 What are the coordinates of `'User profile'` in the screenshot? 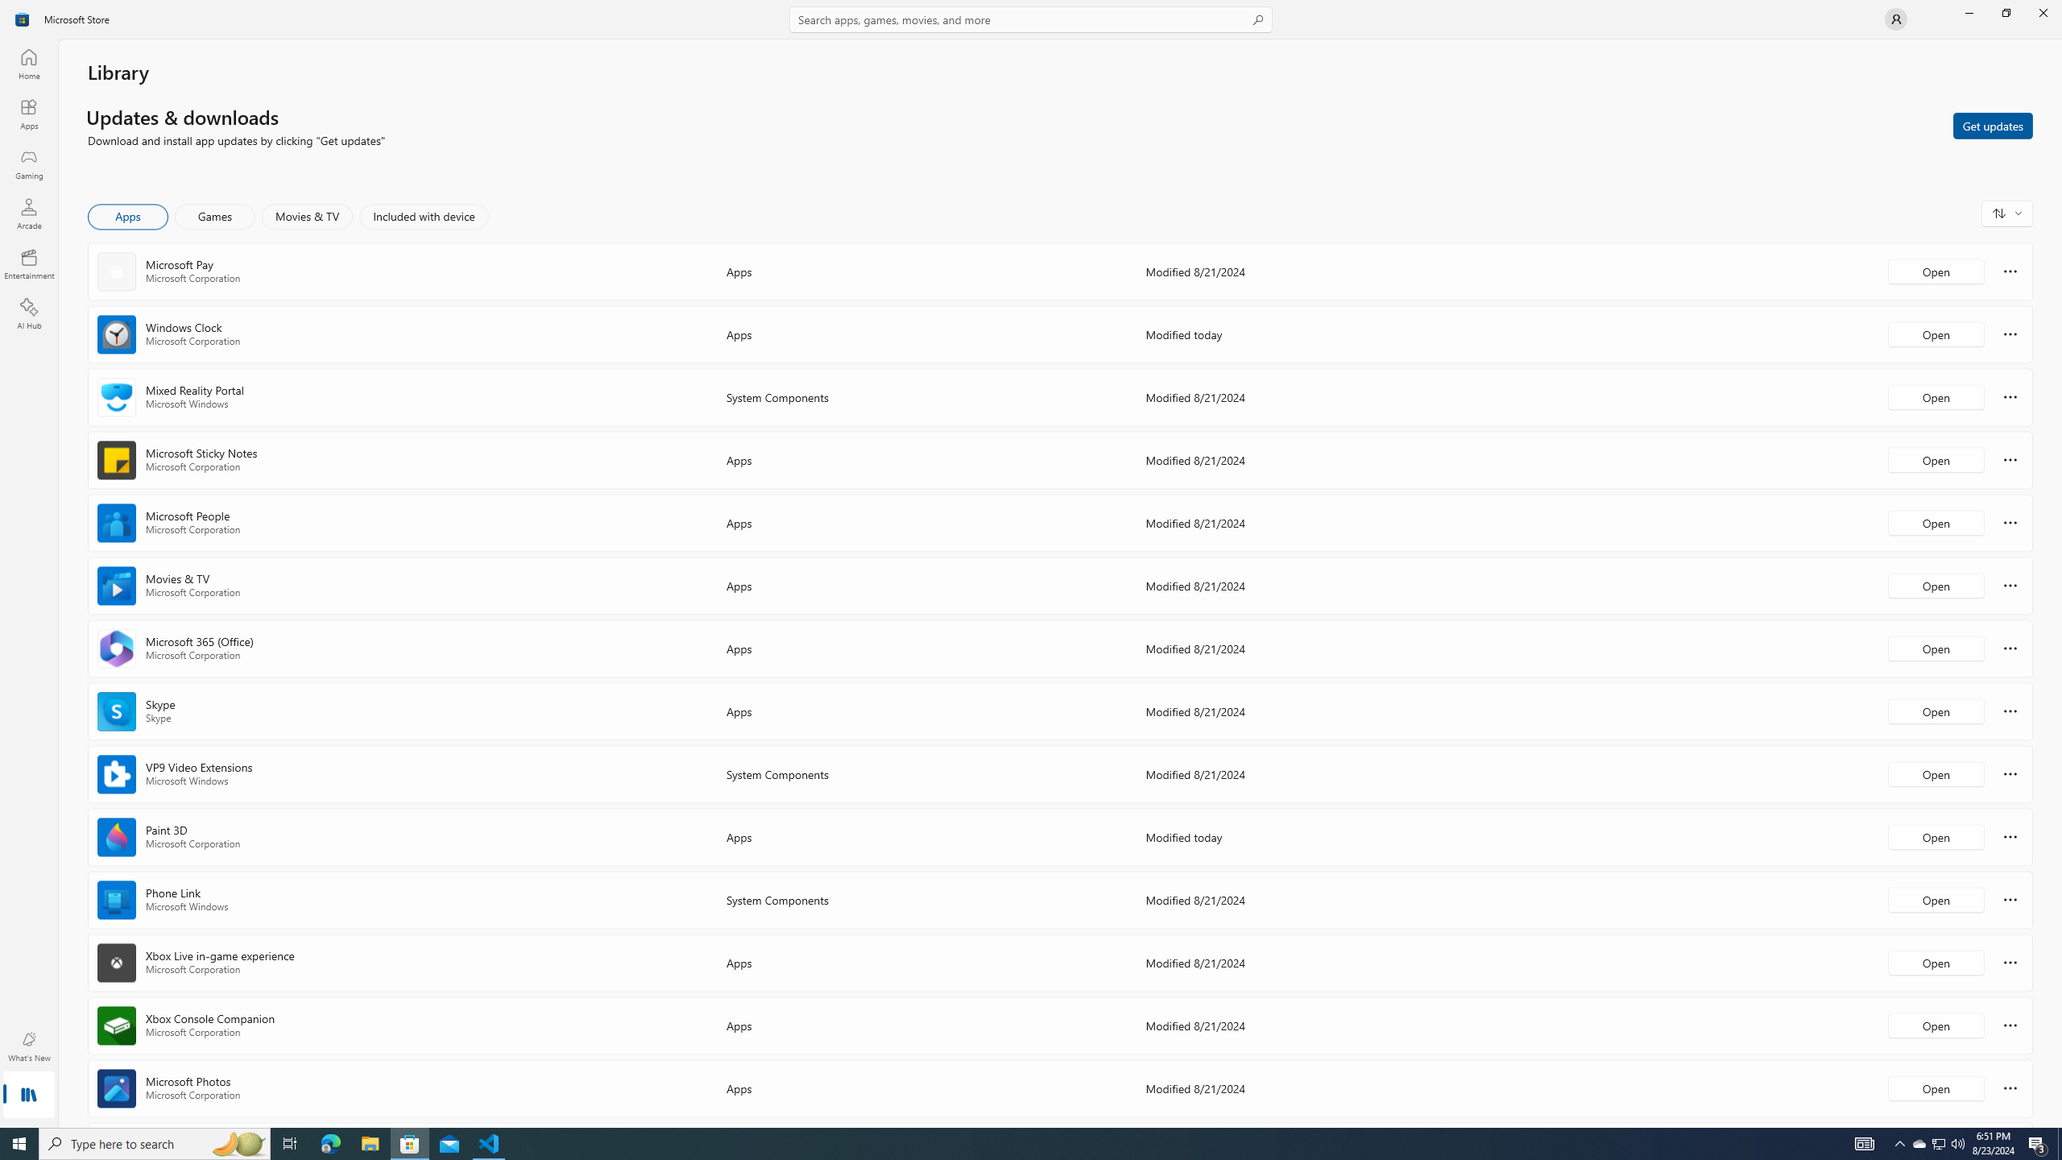 It's located at (1894, 18).